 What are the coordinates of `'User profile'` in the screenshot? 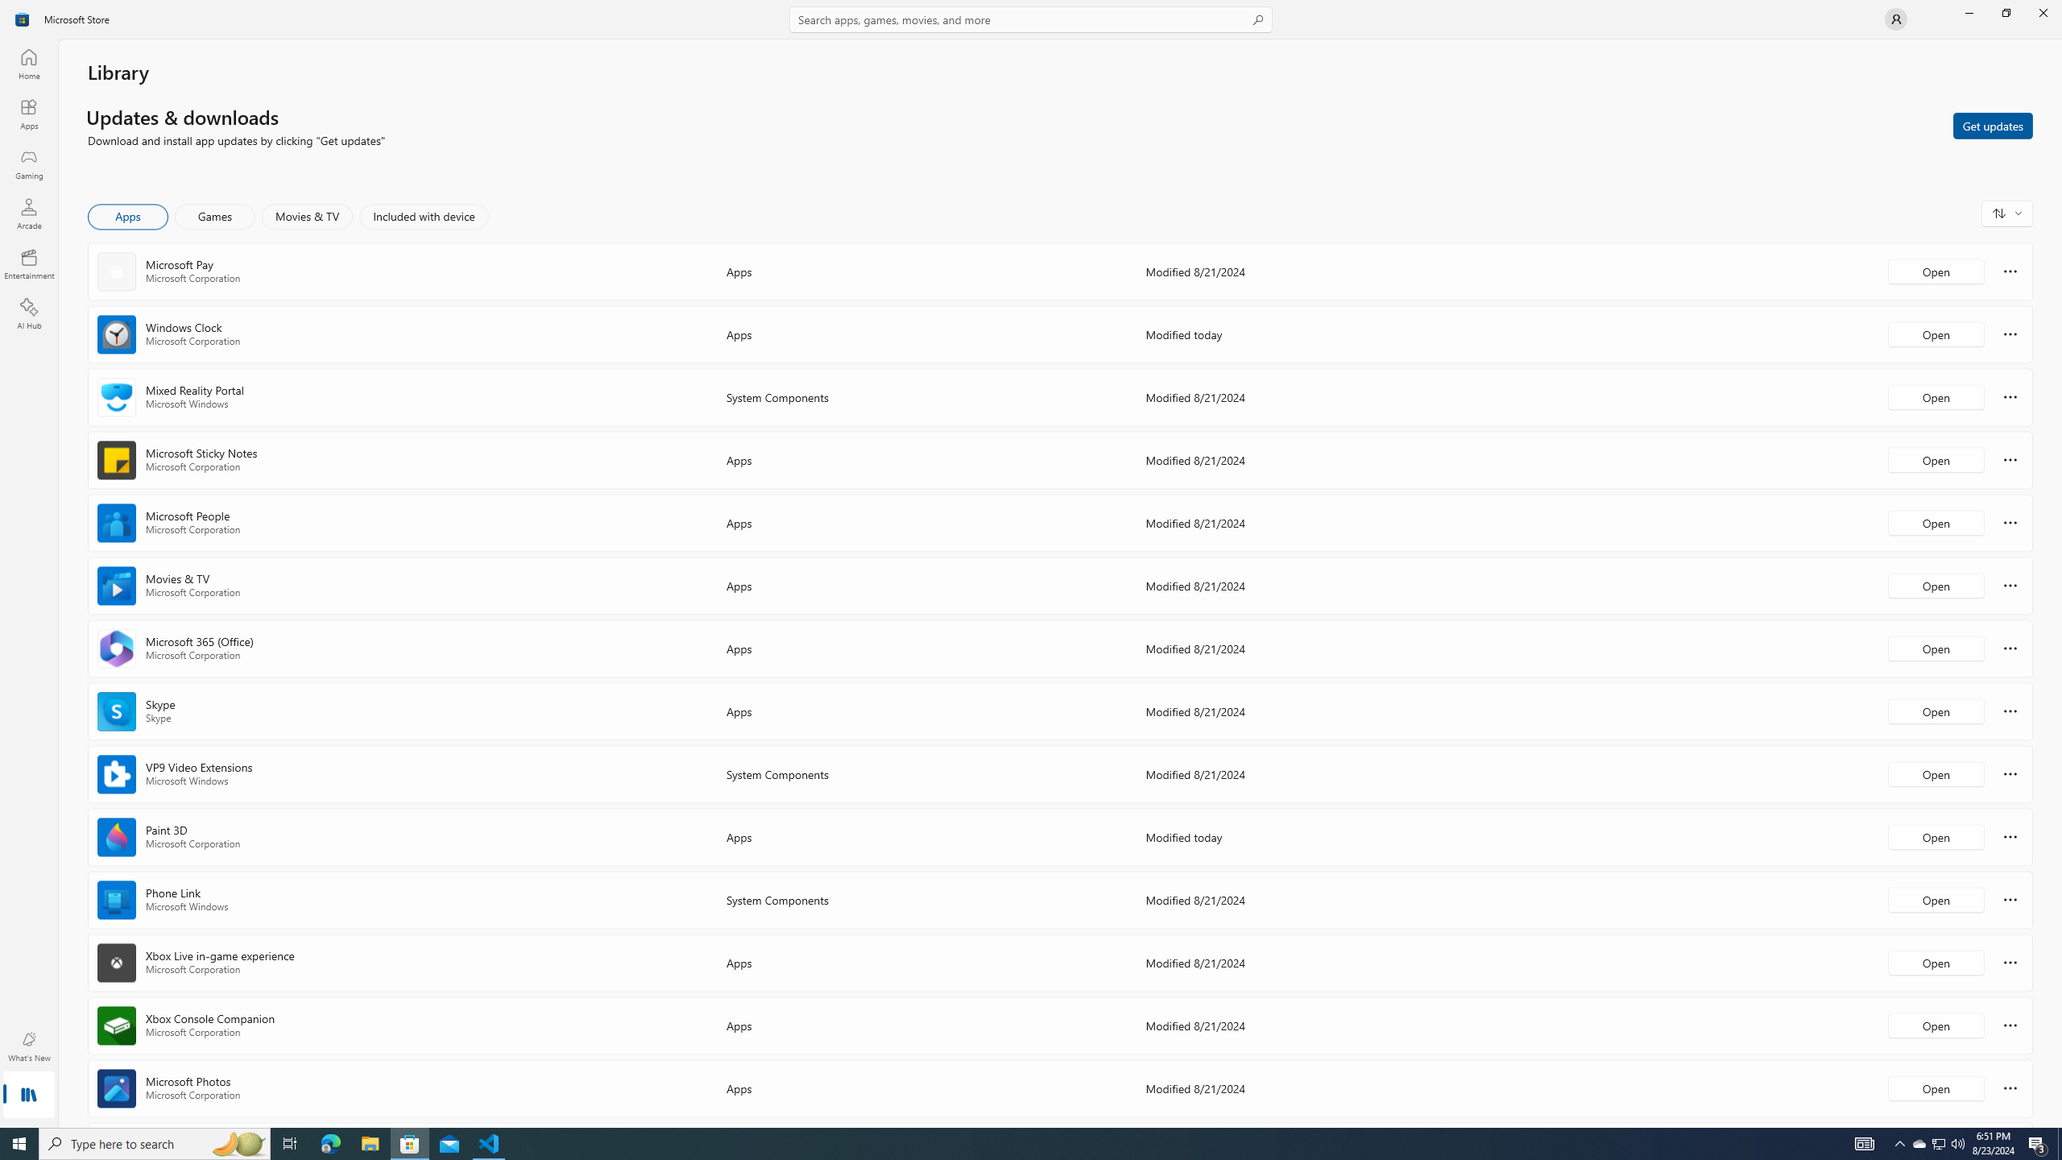 It's located at (1894, 18).